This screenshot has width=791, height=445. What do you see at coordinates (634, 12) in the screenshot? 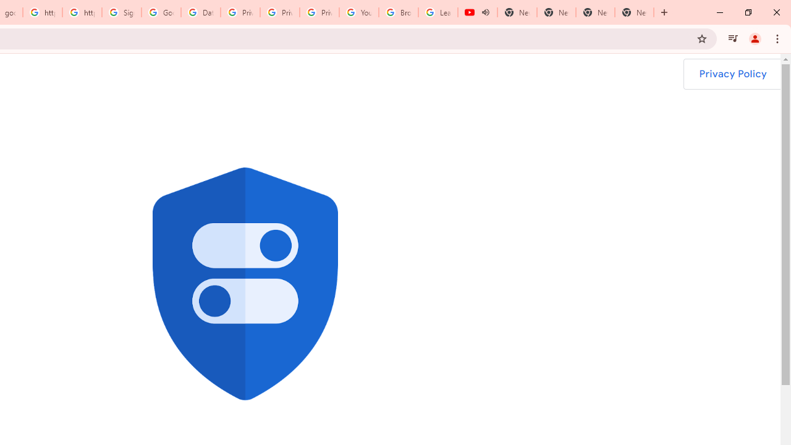
I see `'New Tab'` at bounding box center [634, 12].